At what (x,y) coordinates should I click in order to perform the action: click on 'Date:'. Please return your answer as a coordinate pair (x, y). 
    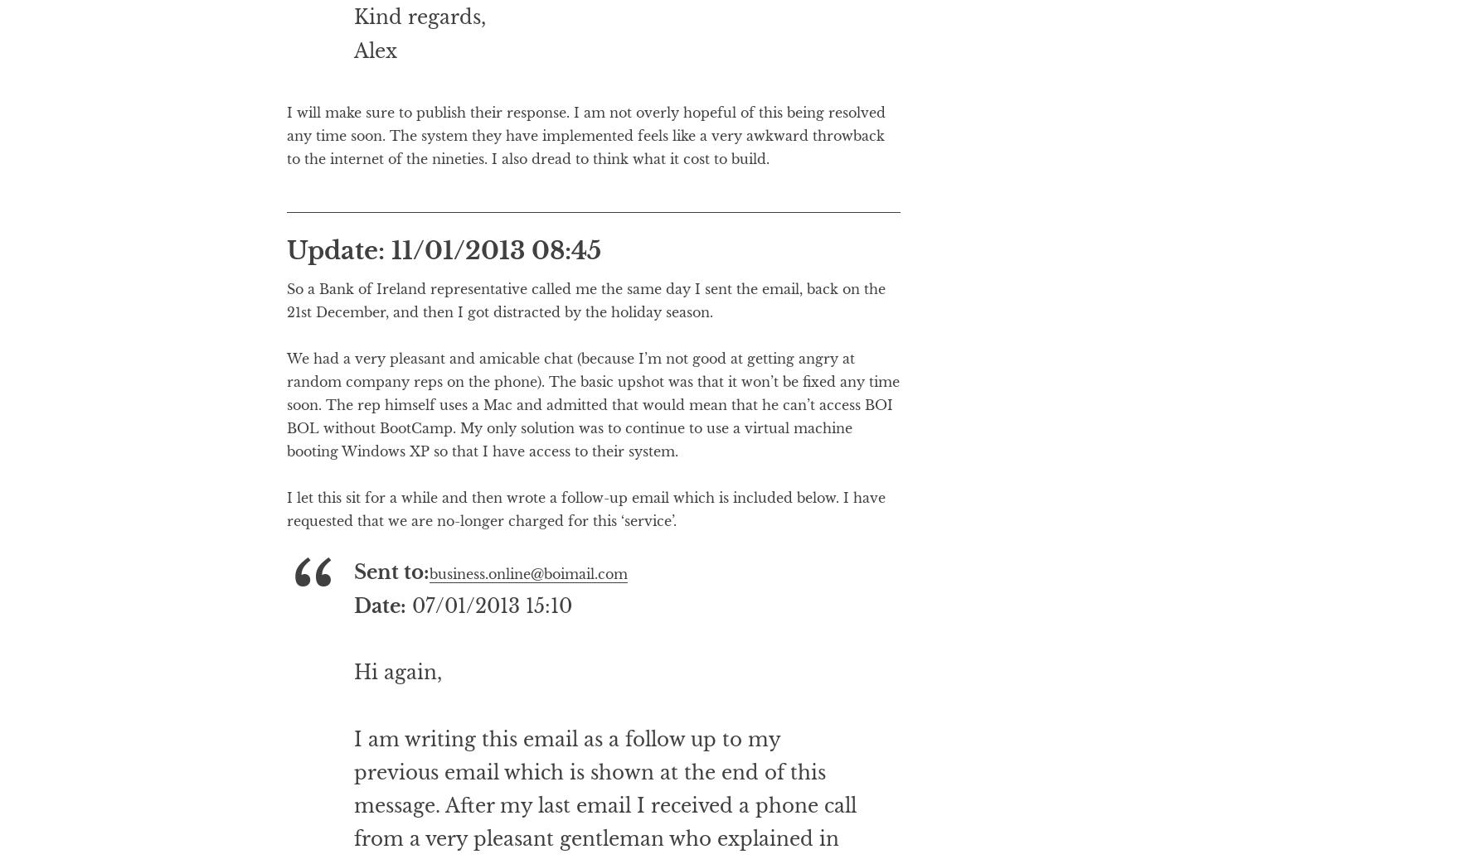
    Looking at the image, I should click on (352, 672).